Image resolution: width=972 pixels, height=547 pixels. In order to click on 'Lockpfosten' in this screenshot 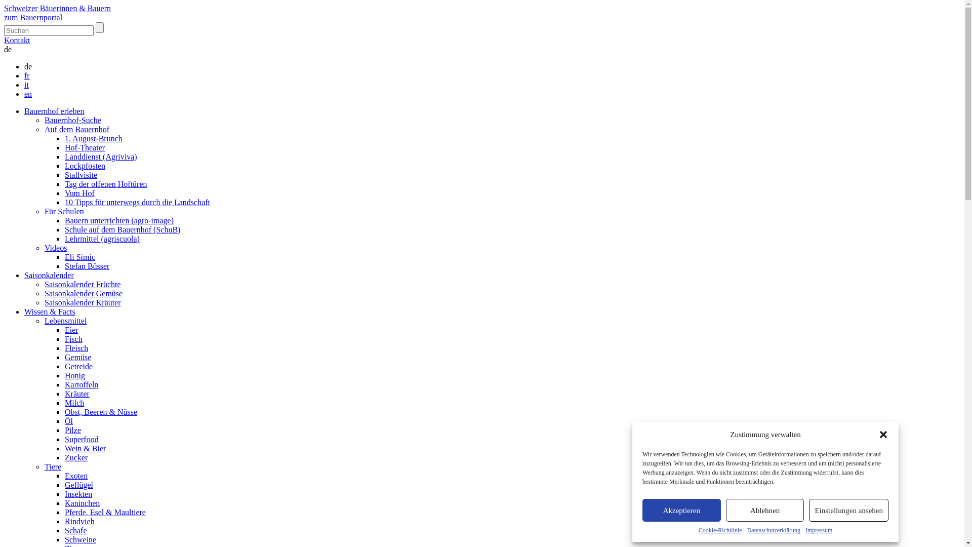, I will do `click(85, 165)`.